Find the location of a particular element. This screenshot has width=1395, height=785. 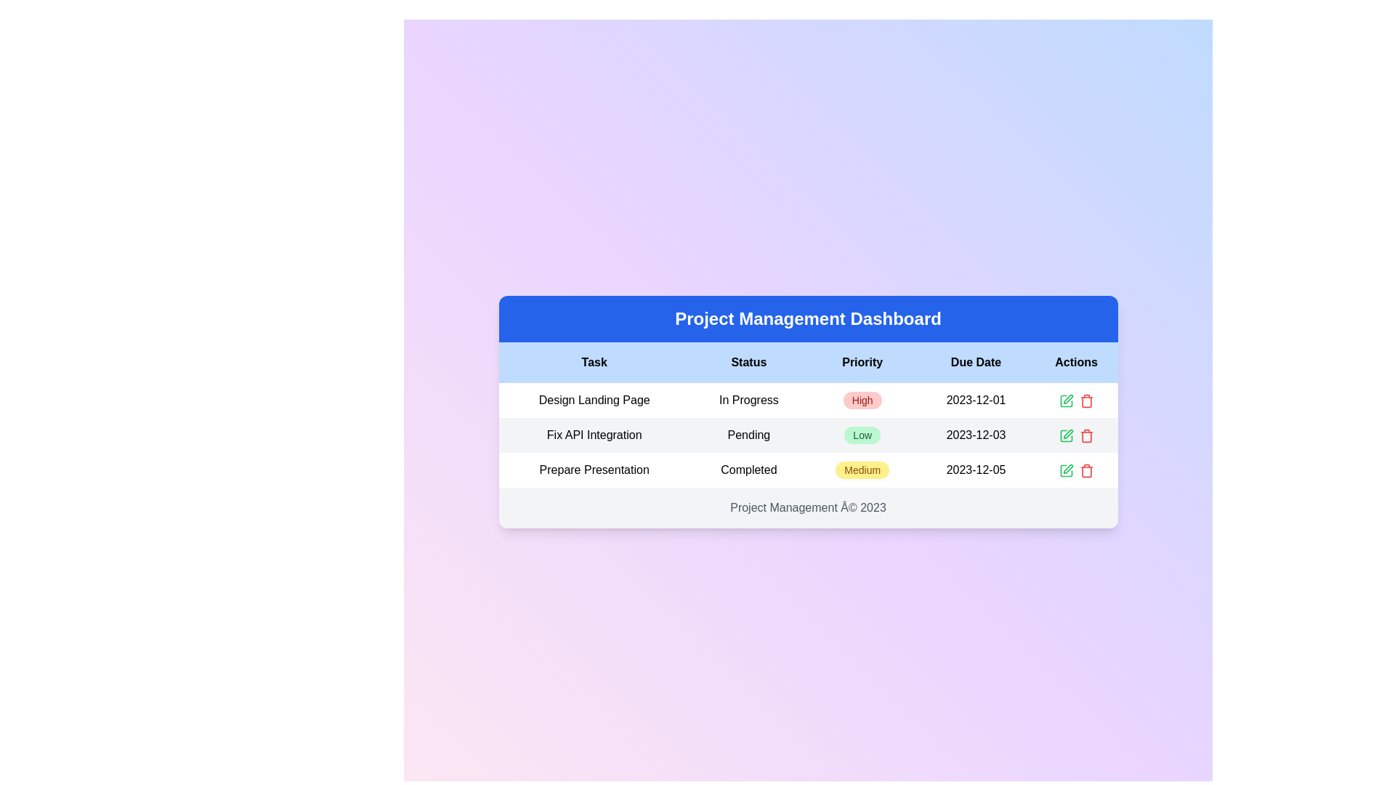

the 'In Progress' text label in the 'Status' column of the task 'Design Landing Page' within the table is located at coordinates (748, 400).